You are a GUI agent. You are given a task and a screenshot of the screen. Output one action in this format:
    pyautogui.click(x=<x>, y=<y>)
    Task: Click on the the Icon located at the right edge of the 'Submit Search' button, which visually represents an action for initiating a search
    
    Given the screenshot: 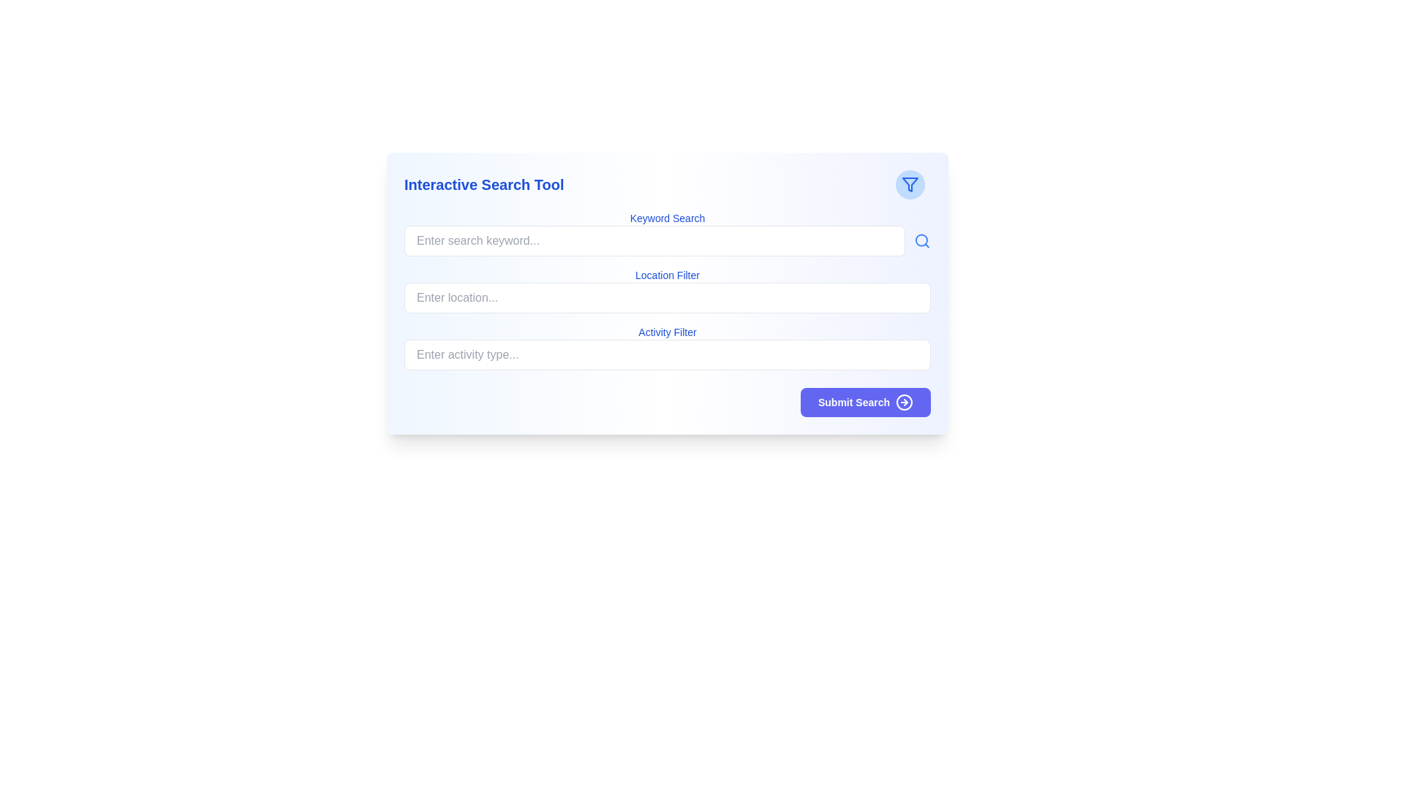 What is the action you would take?
    pyautogui.click(x=904, y=403)
    